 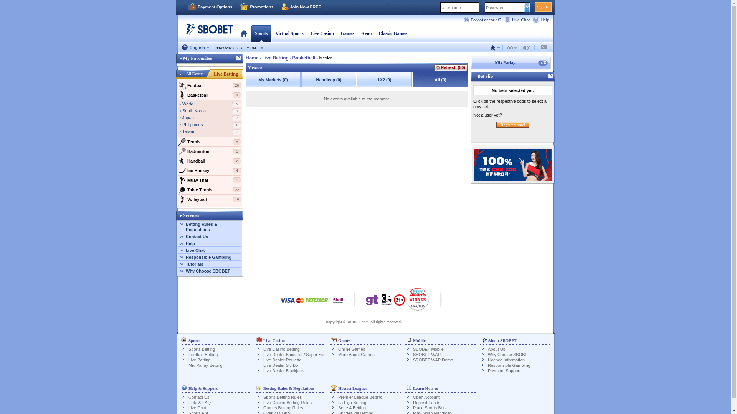 I want to click on 'Sports Betting', so click(x=202, y=349).